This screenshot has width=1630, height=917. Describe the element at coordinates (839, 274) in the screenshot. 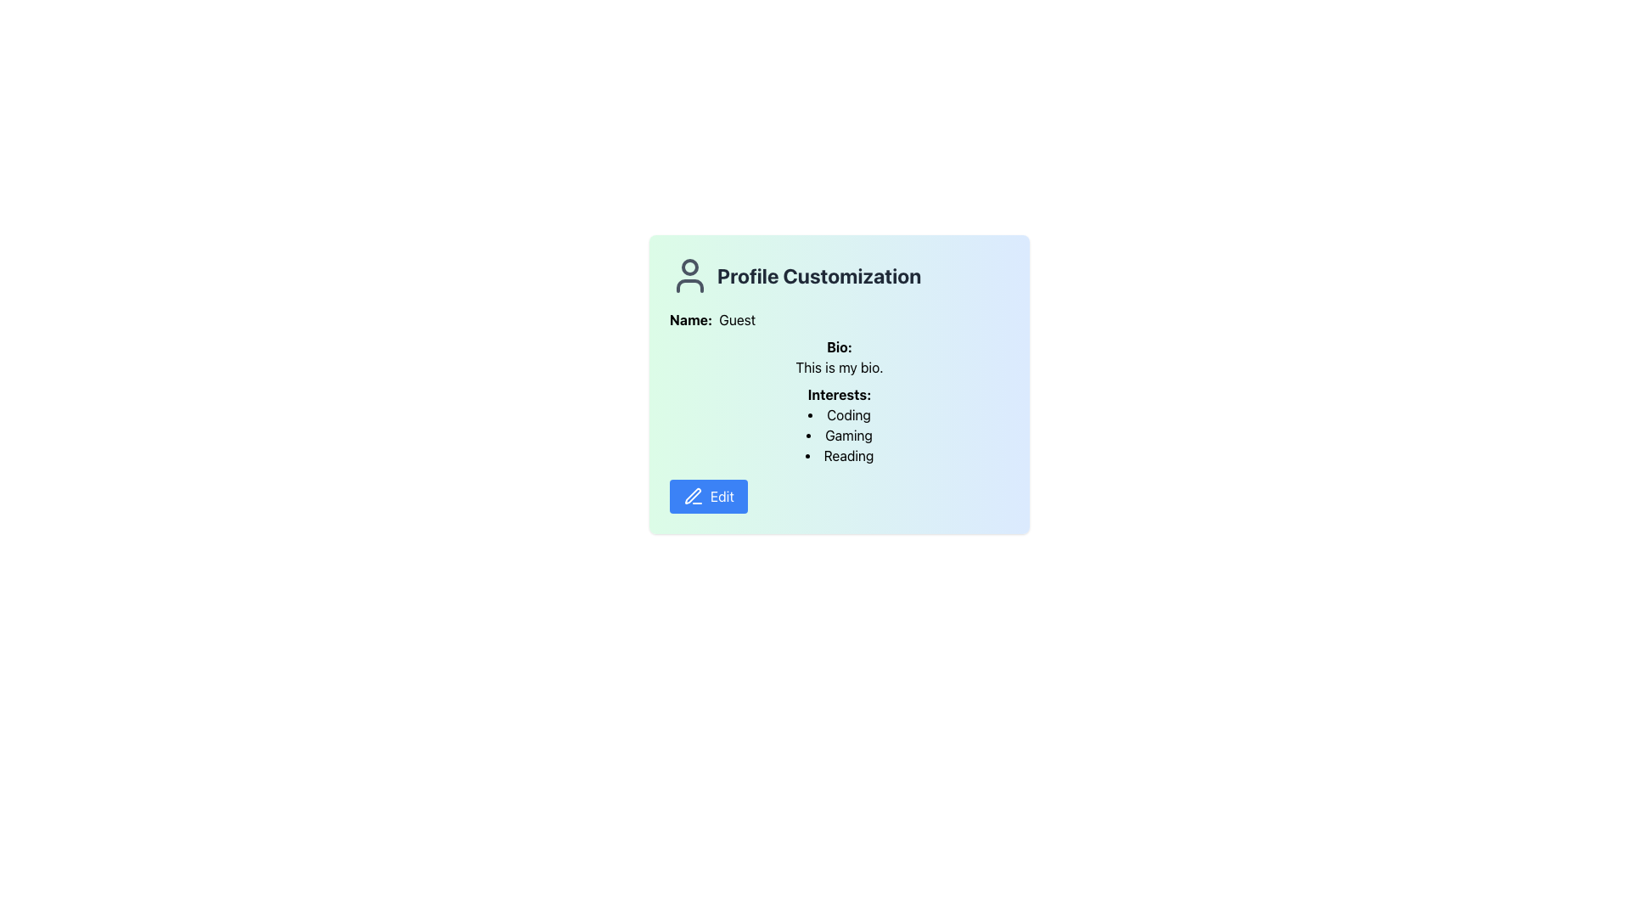

I see `the Heading with Icon that serves as a title for profile customization, positioned at the top of the card and above sections like 'Name', 'Bio', and 'Interests'` at that location.